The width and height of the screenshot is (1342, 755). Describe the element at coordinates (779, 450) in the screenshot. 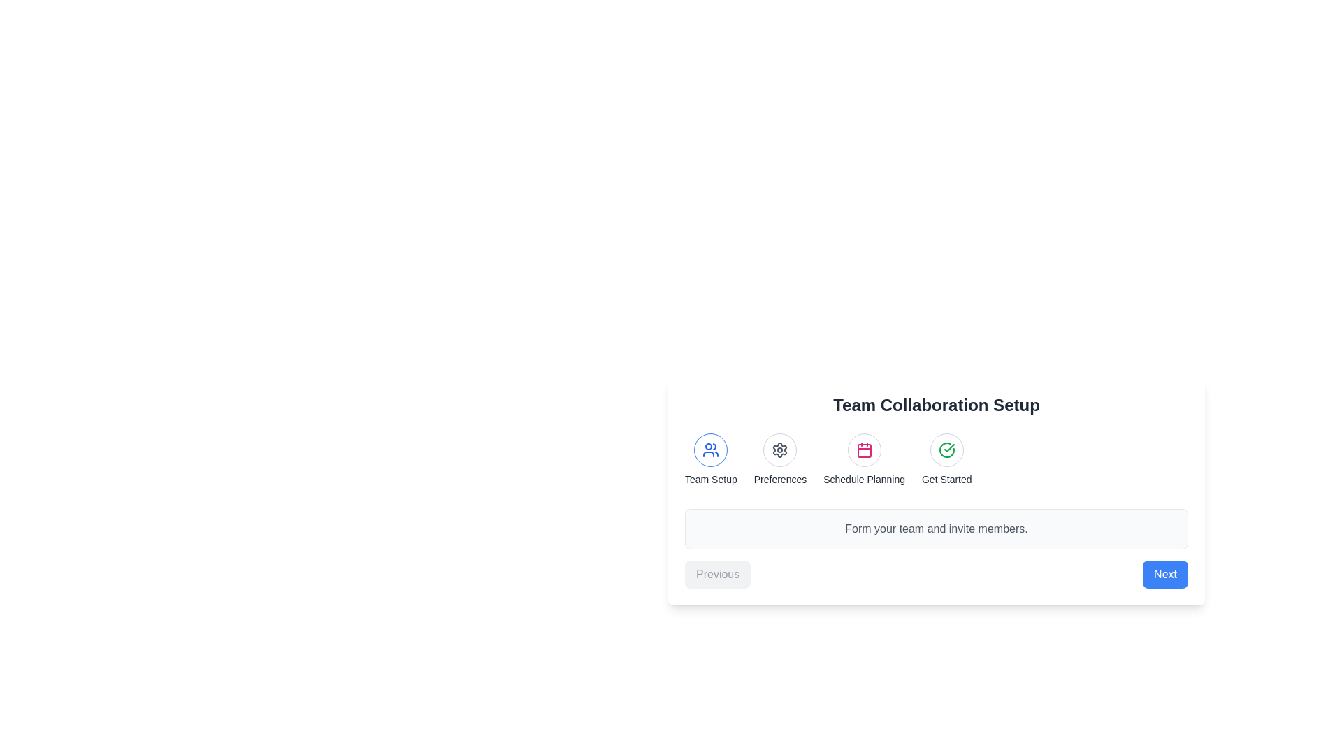

I see `the second circular icon in a group of four icons, which is associated with navigating to the 'Preferences' section` at that location.